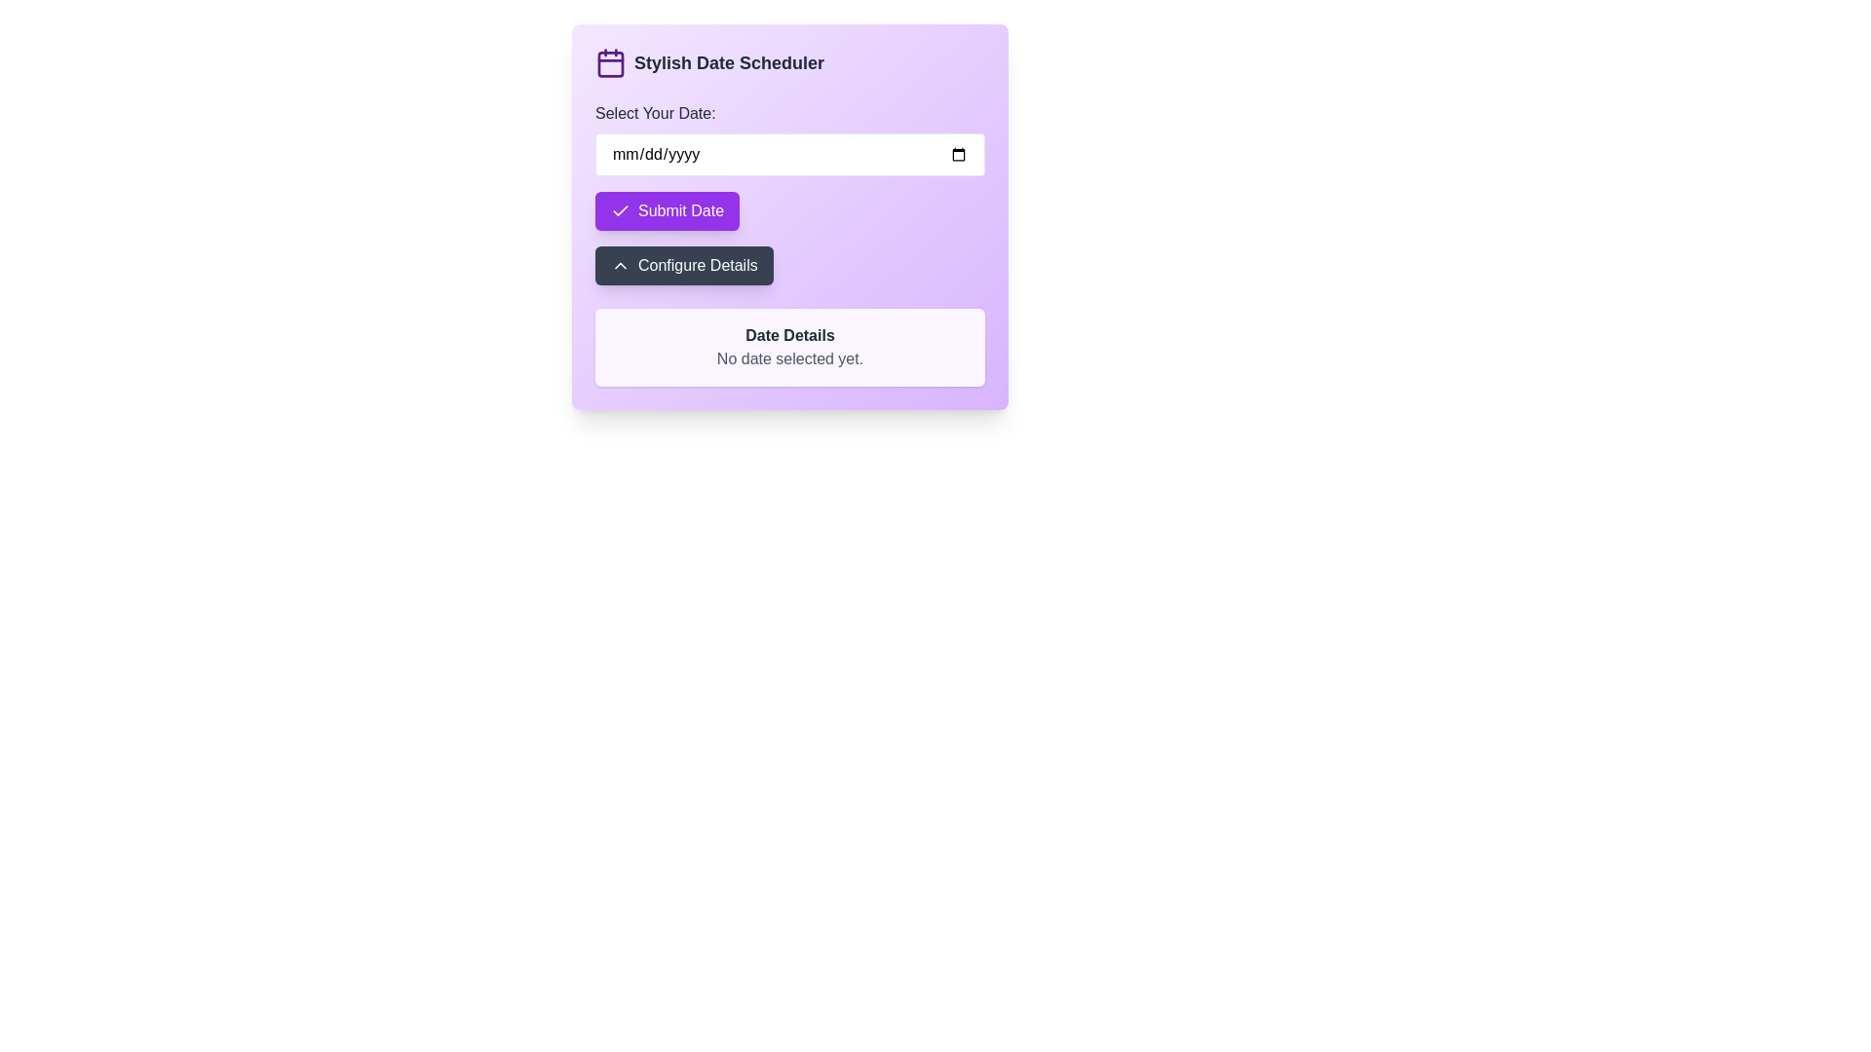 The image size is (1871, 1052). I want to click on the Date Input Field in the 'Stylish Date Scheduler' section, so click(790, 137).